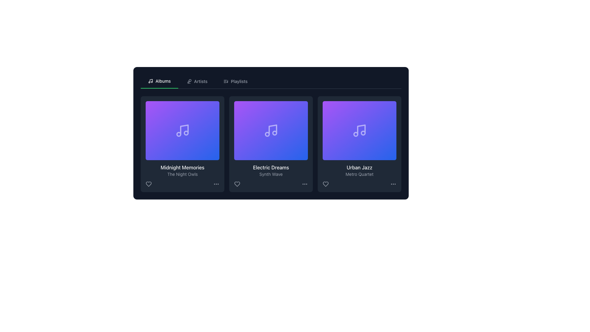  I want to click on the rightmost circle shape within the music-themed icon on the first card labeled 'Midnight Memories', so click(186, 132).